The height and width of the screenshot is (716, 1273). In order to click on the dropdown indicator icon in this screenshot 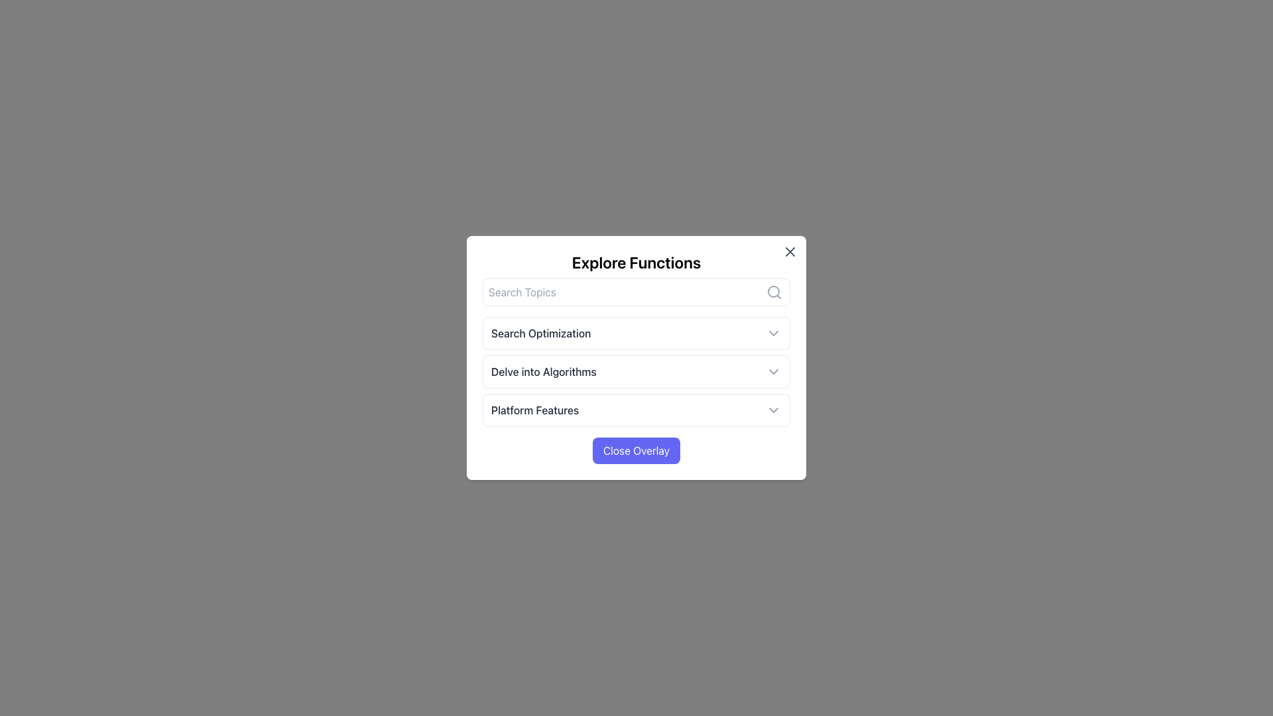, I will do `click(773, 332)`.